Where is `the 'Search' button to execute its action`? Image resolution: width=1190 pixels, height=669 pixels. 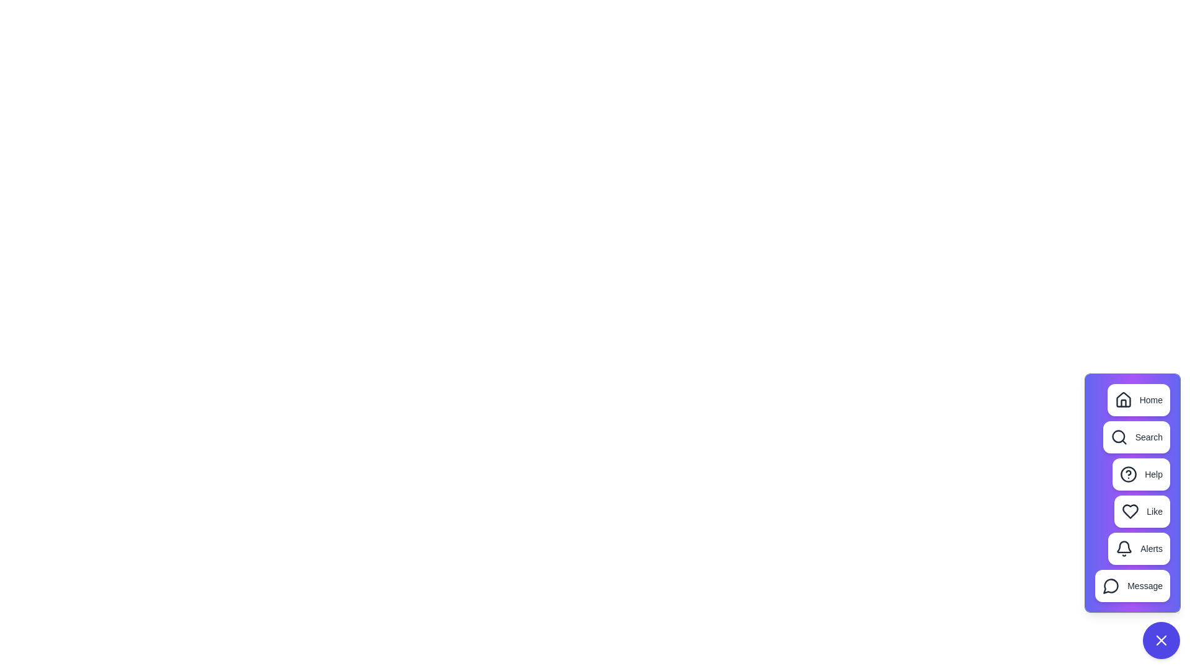 the 'Search' button to execute its action is located at coordinates (1136, 436).